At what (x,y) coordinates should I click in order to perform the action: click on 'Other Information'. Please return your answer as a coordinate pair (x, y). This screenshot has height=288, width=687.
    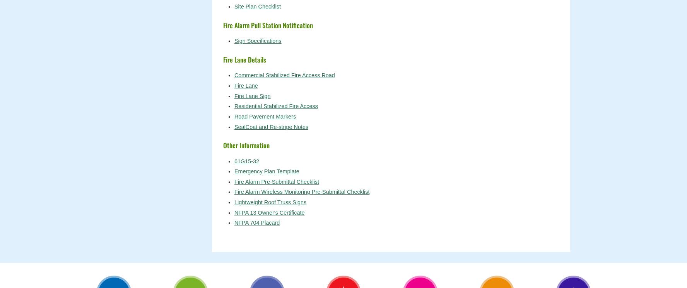
    Looking at the image, I should click on (246, 145).